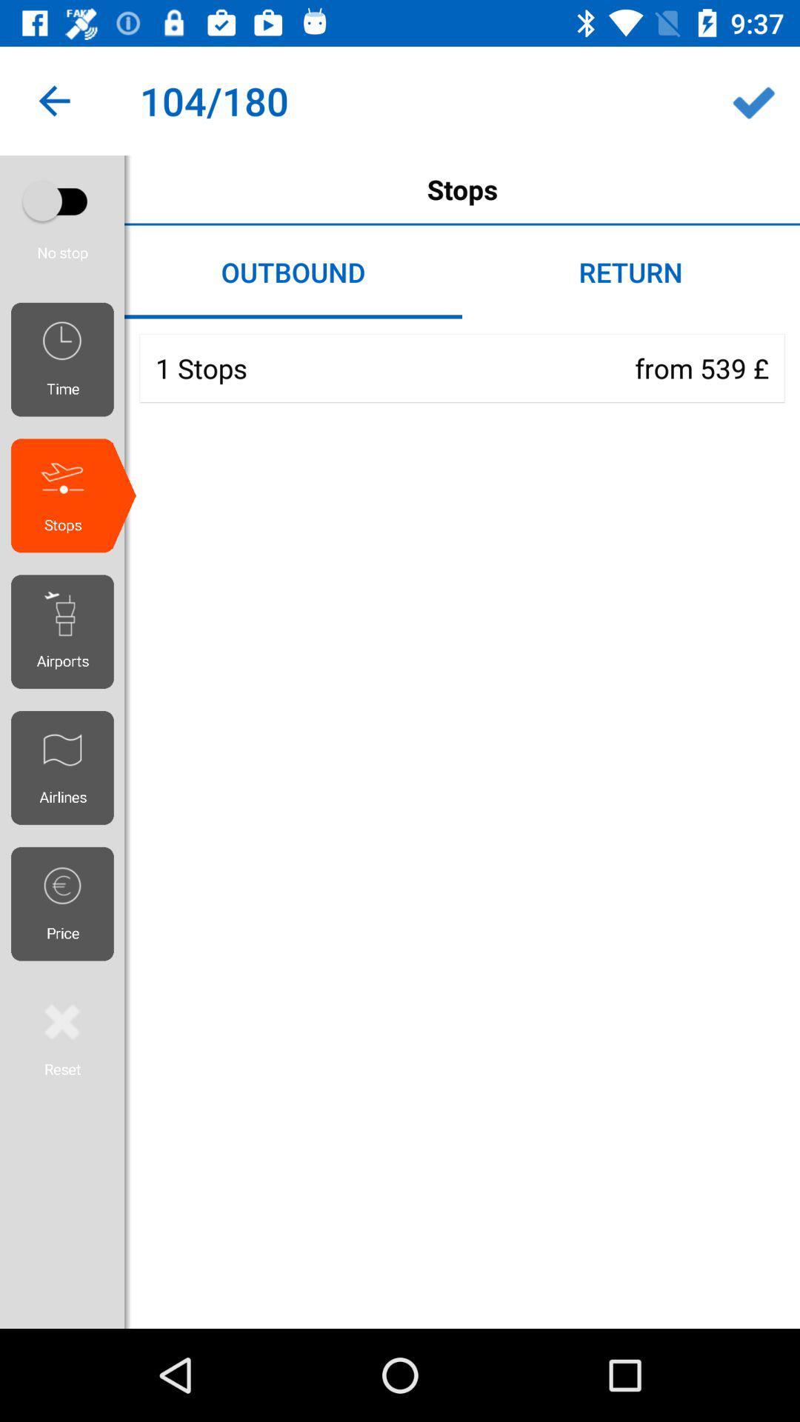 The width and height of the screenshot is (800, 1422). What do you see at coordinates (61, 200) in the screenshot?
I see `stops option` at bounding box center [61, 200].